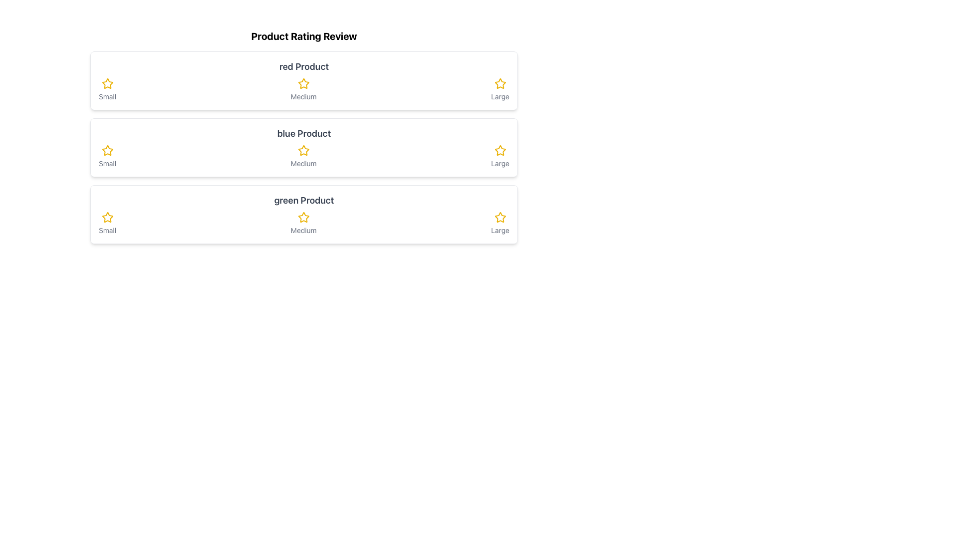  What do you see at coordinates (107, 223) in the screenshot?
I see `the first selectable option for 'small' size in the 'green Product' section` at bounding box center [107, 223].